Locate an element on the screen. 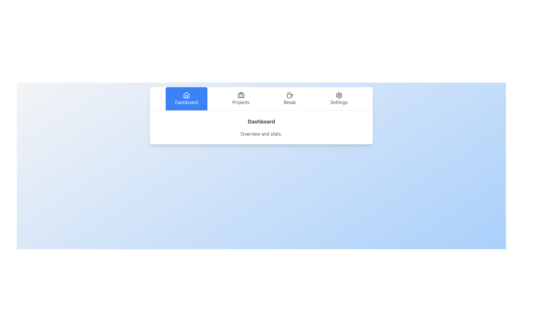 The height and width of the screenshot is (313, 557). the briefcase icon in the navigation menu located above the 'Projects' text, which is the second item from the left is located at coordinates (241, 95).